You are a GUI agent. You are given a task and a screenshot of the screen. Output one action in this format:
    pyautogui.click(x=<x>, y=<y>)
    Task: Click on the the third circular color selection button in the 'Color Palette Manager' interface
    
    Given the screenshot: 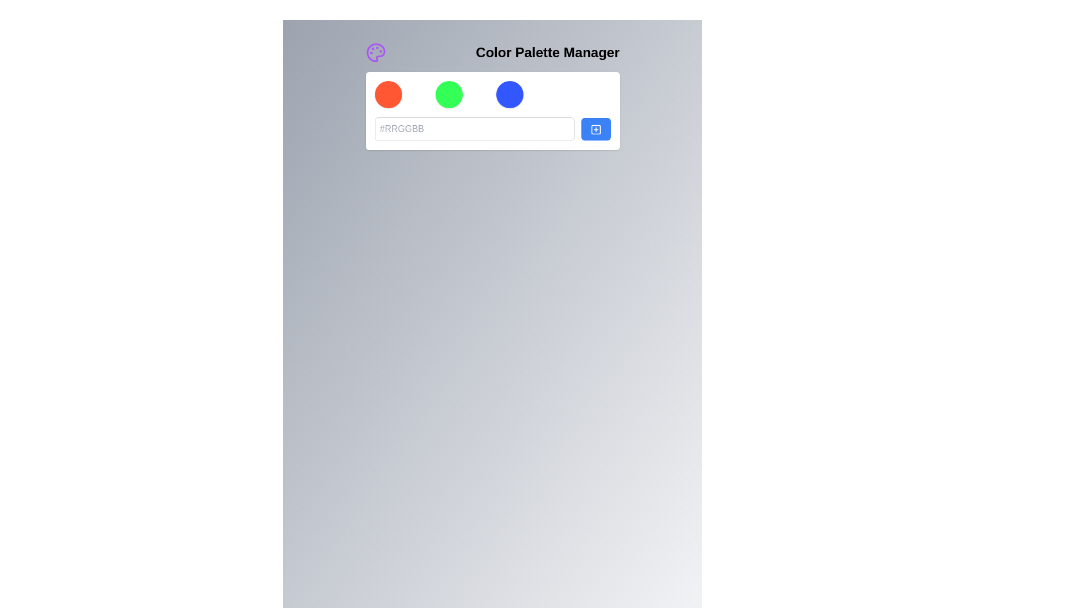 What is the action you would take?
    pyautogui.click(x=509, y=93)
    